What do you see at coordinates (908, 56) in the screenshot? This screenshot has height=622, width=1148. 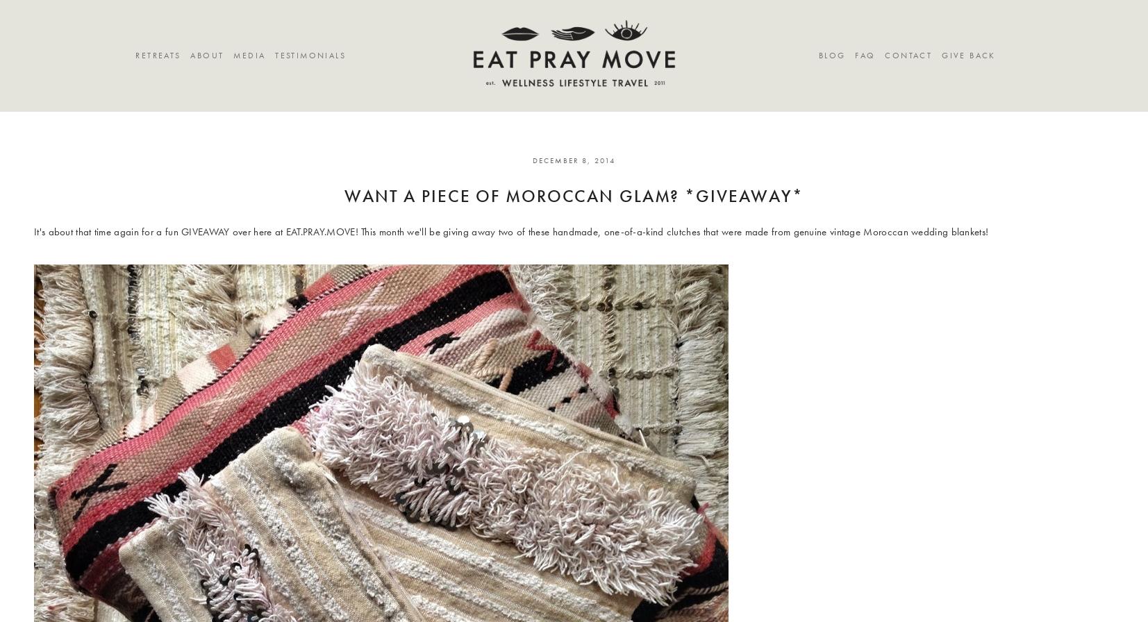 I see `'CONTACT'` at bounding box center [908, 56].